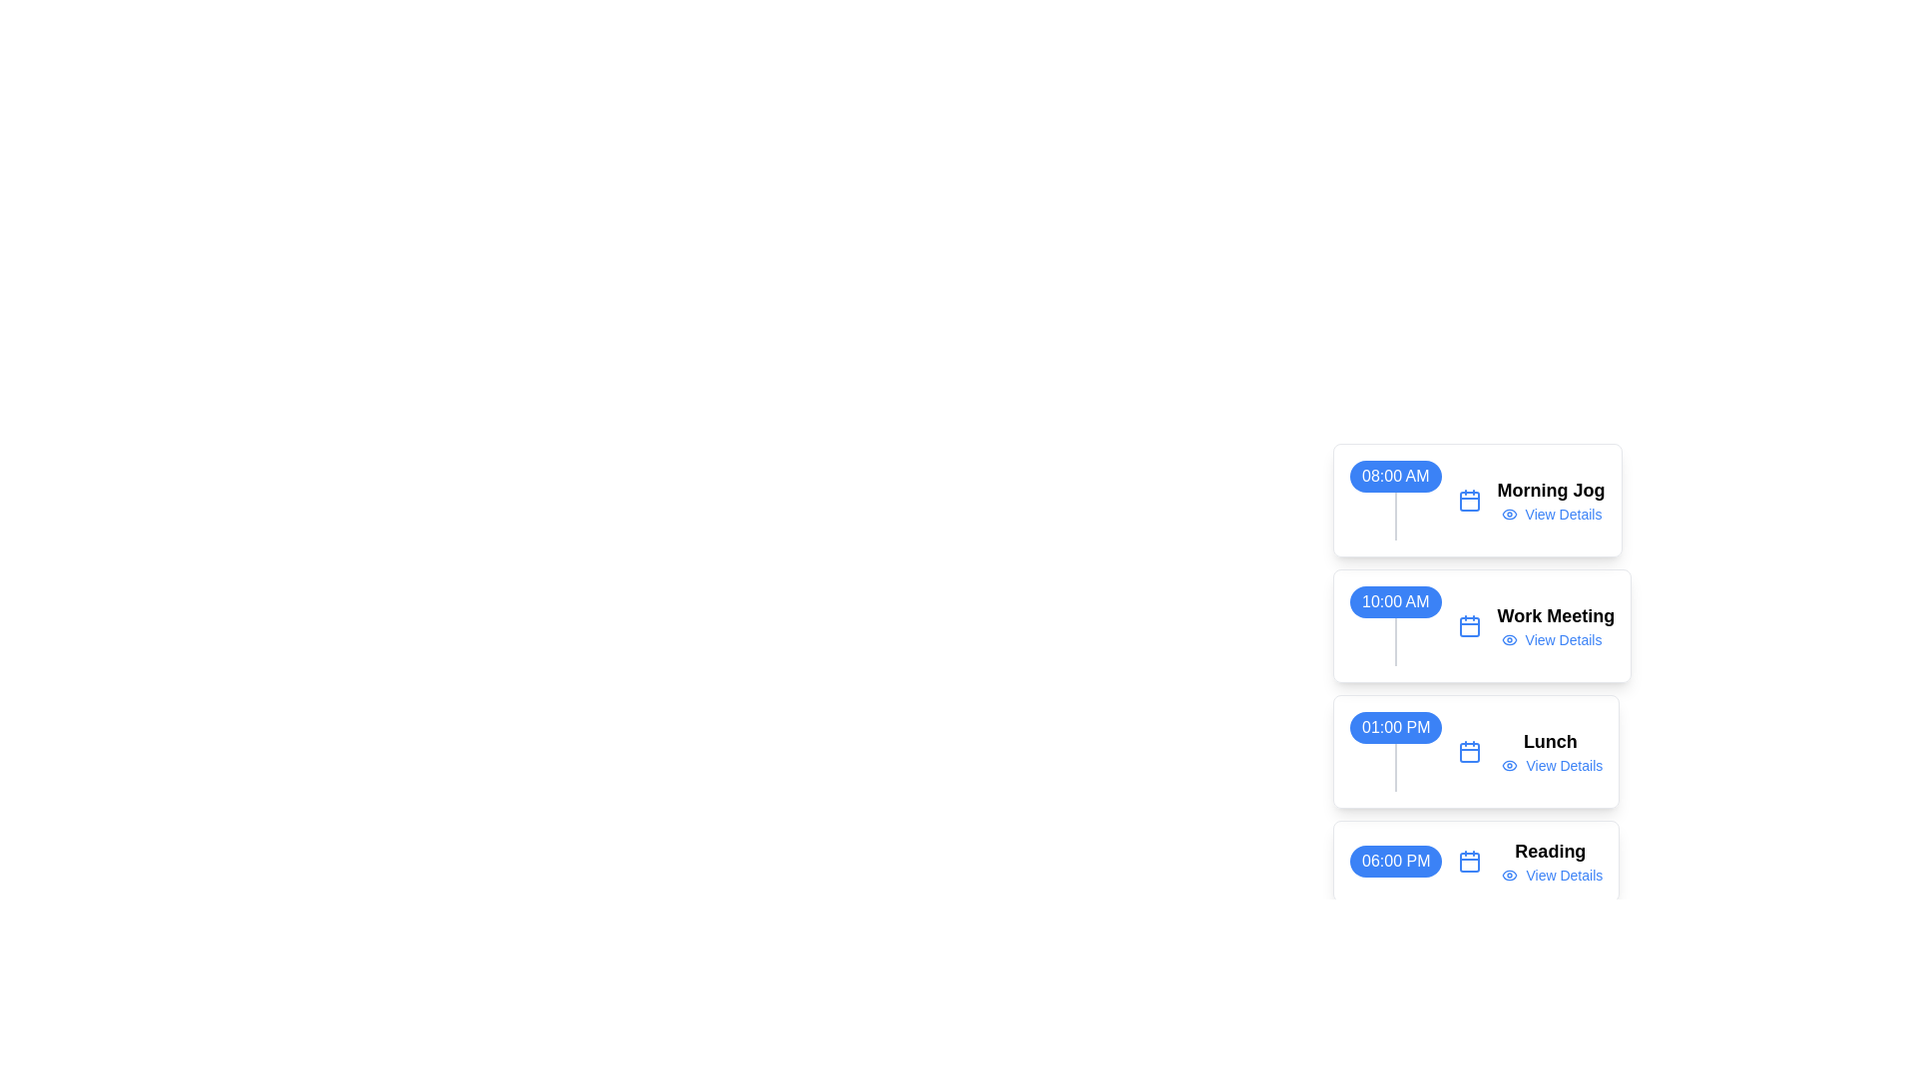  Describe the element at coordinates (1555, 639) in the screenshot. I see `the hyperlink with an accompanying icon that links to additional details about the 'Work Meeting' positioned below the 'Work Meeting' title at '10:00 AM'` at that location.